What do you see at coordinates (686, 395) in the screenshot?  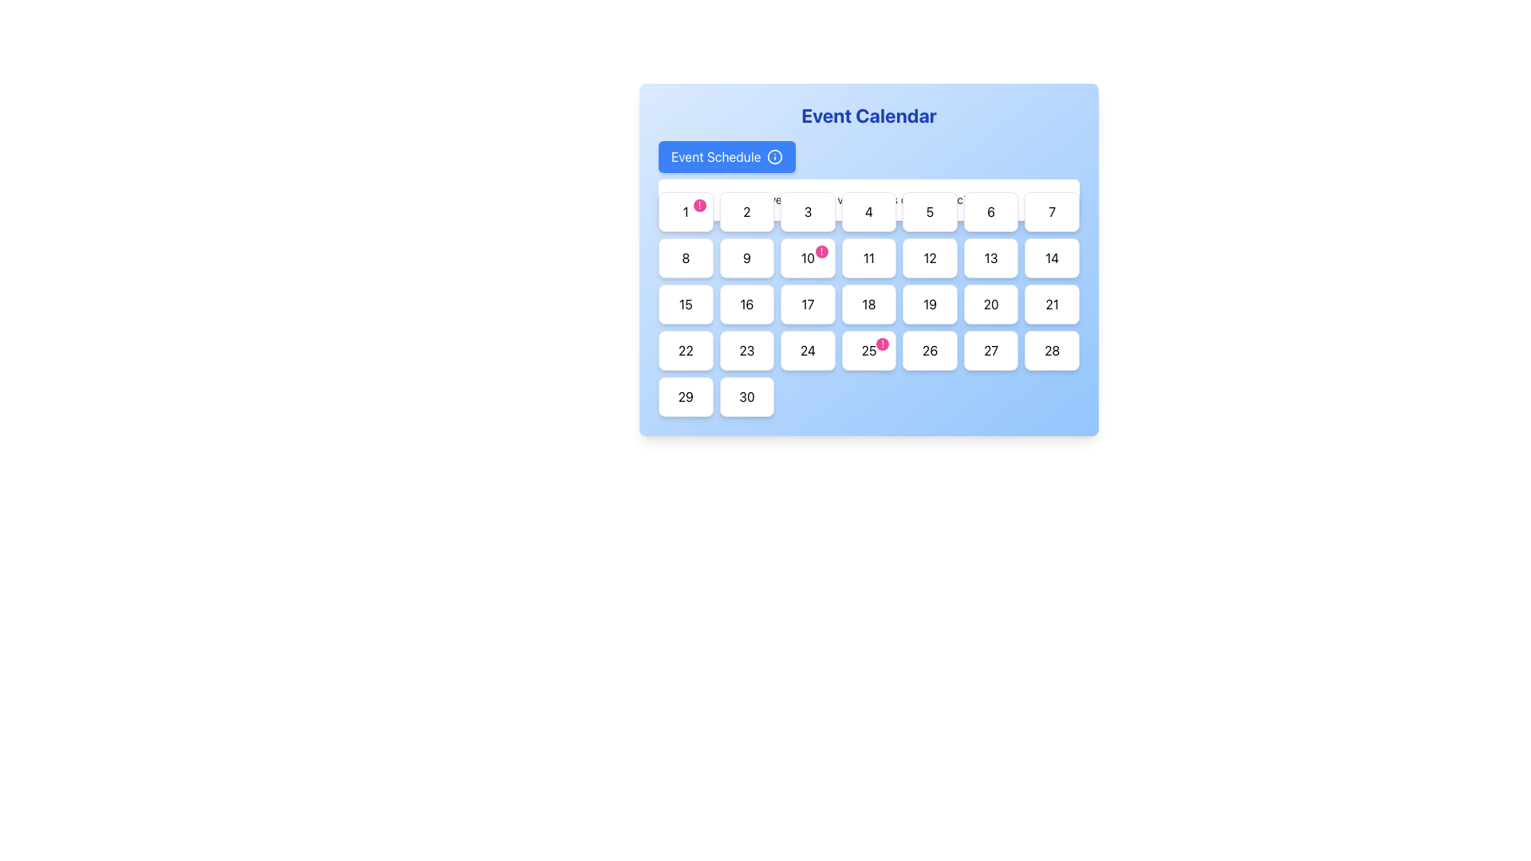 I see `the button representing the 29th day in the calendar interface` at bounding box center [686, 395].